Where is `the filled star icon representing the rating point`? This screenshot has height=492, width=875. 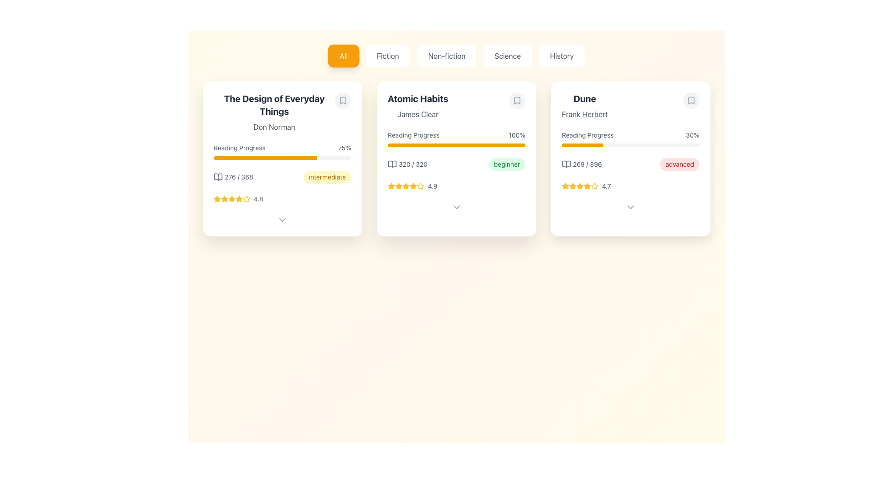 the filled star icon representing the rating point is located at coordinates (405, 185).